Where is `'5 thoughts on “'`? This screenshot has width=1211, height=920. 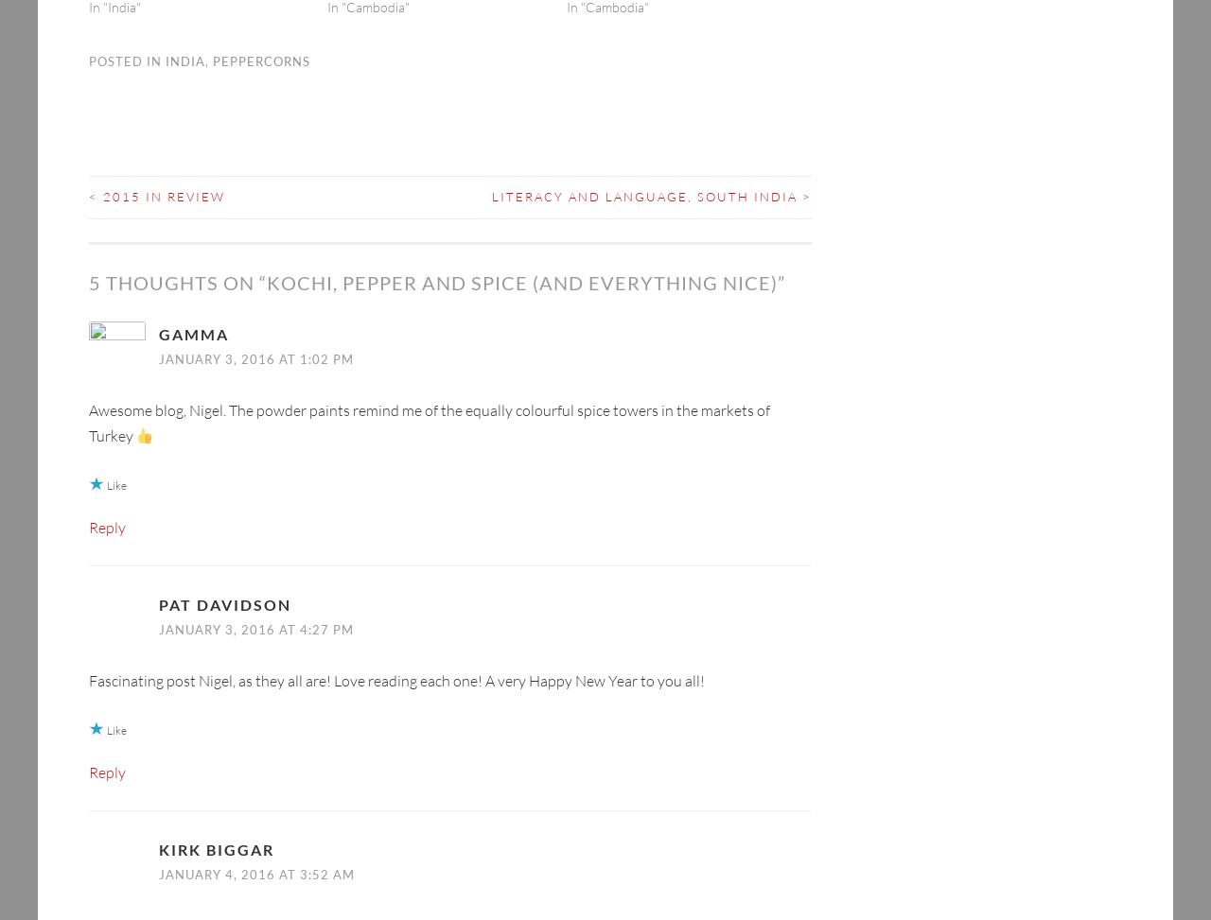 '5 thoughts on “' is located at coordinates (178, 251).